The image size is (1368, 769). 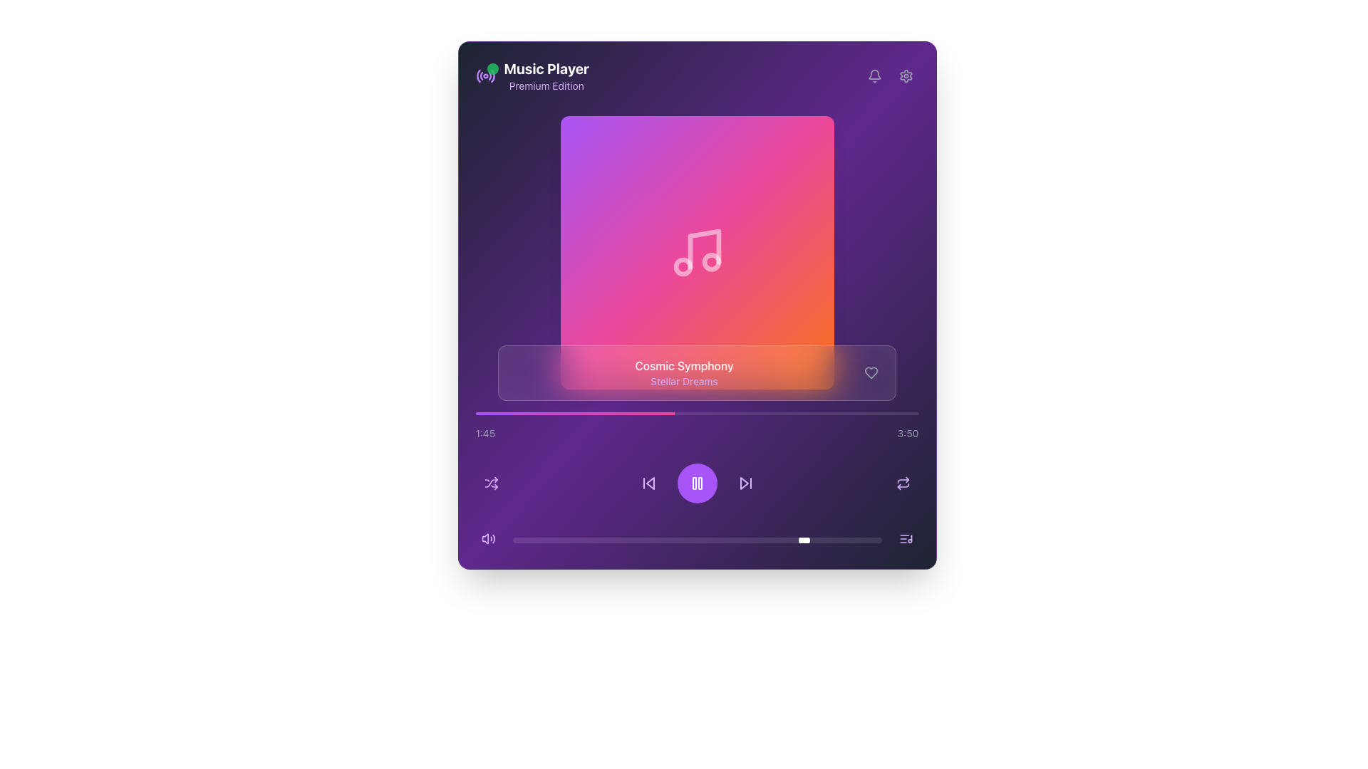 What do you see at coordinates (684, 381) in the screenshot?
I see `the Text label that serves as a subtitle or description for the current media, positioned below the 'Cosmic Symphony' text in the music player interface` at bounding box center [684, 381].